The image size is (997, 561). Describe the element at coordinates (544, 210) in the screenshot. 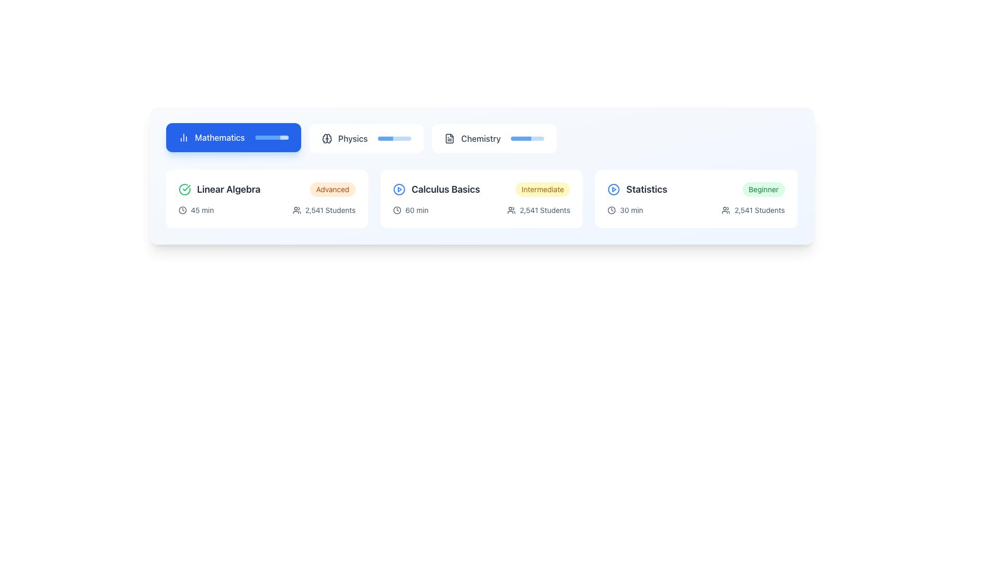

I see `the informational static text displaying the number of students enrolled in the 'Calculus Basics' course, which is positioned below the title and to the right of a group icon` at that location.